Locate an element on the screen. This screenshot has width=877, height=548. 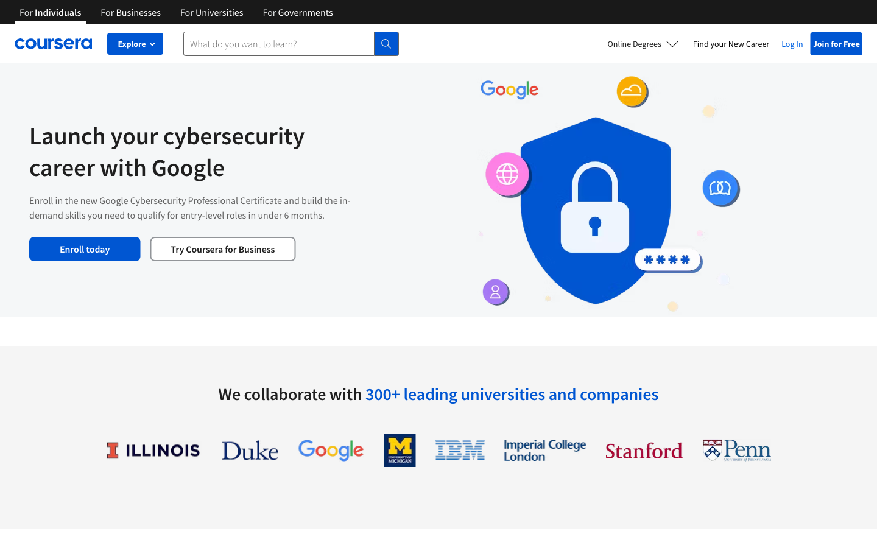
Check Coursera For Government Page is located at coordinates (297, 11).